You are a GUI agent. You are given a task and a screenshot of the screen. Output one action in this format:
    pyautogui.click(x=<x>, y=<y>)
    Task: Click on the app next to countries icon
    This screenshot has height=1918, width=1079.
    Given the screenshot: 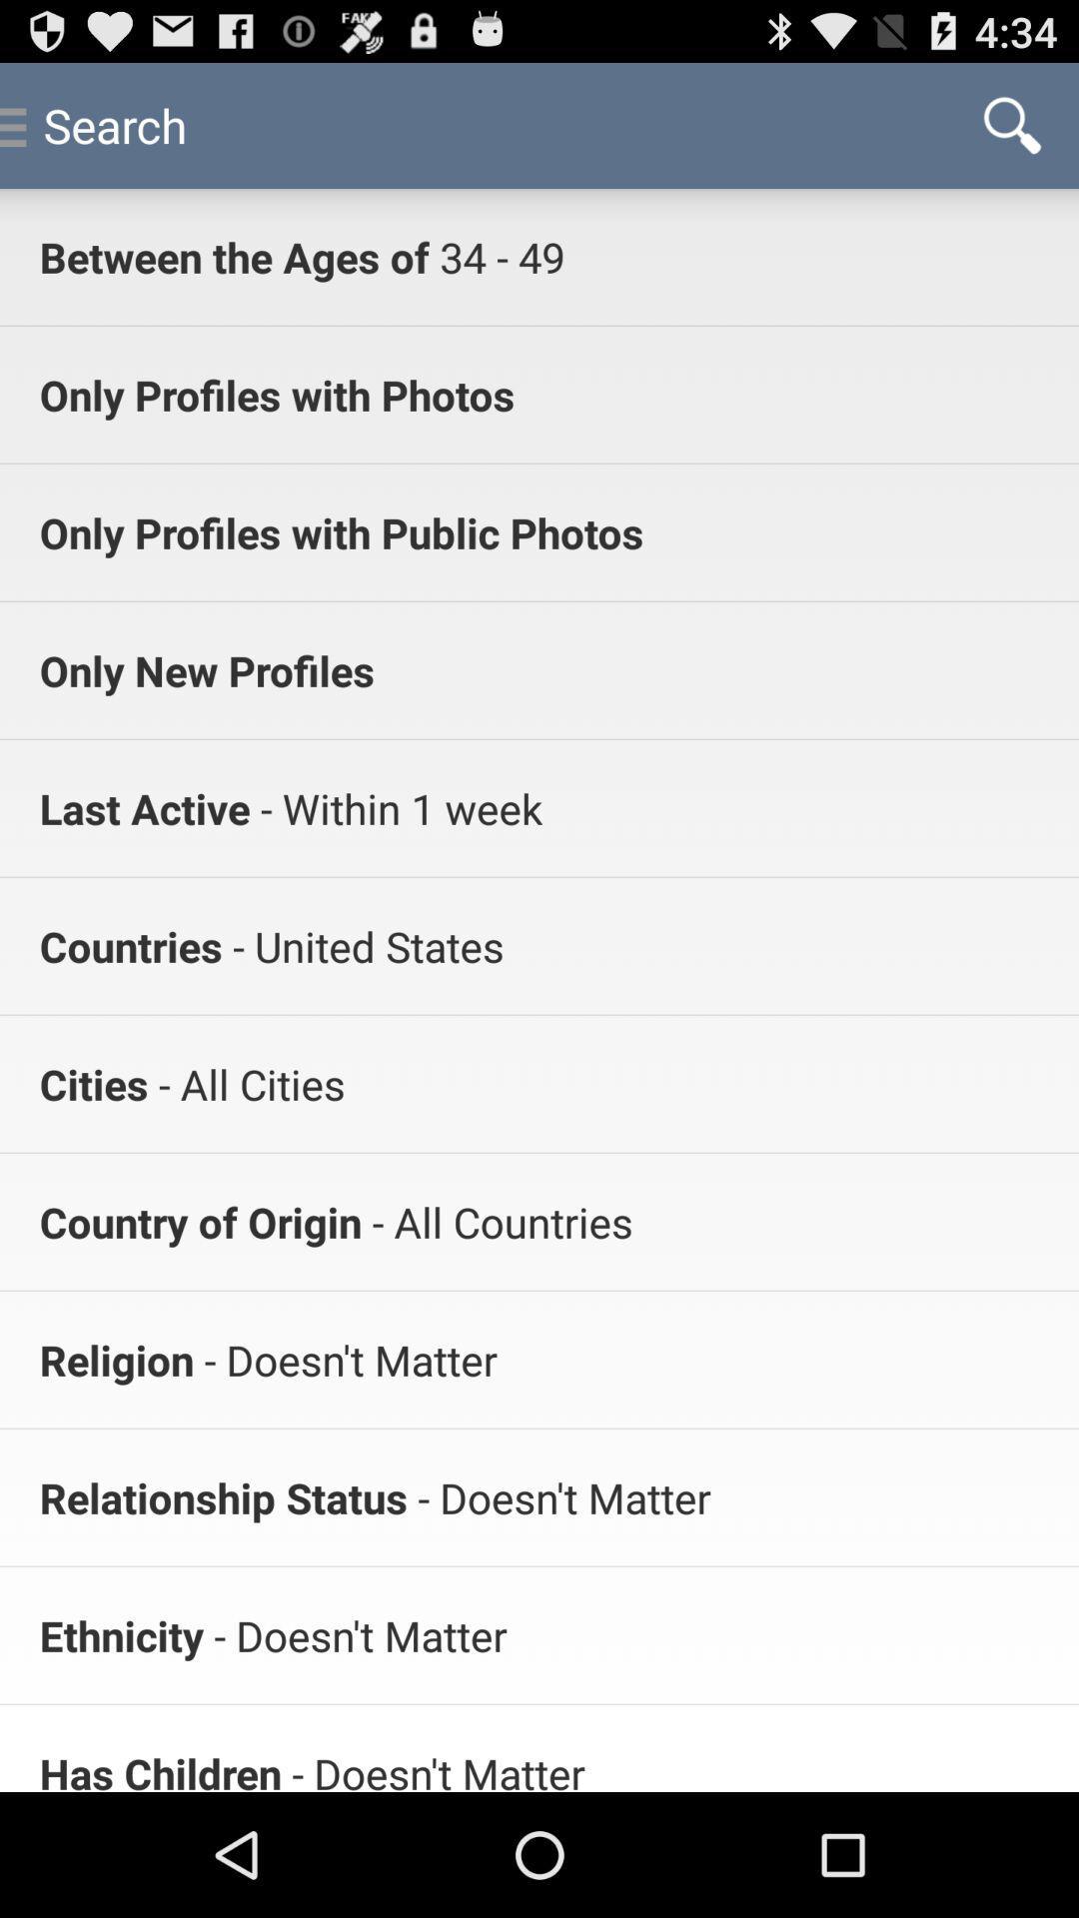 What is the action you would take?
    pyautogui.click(x=363, y=945)
    